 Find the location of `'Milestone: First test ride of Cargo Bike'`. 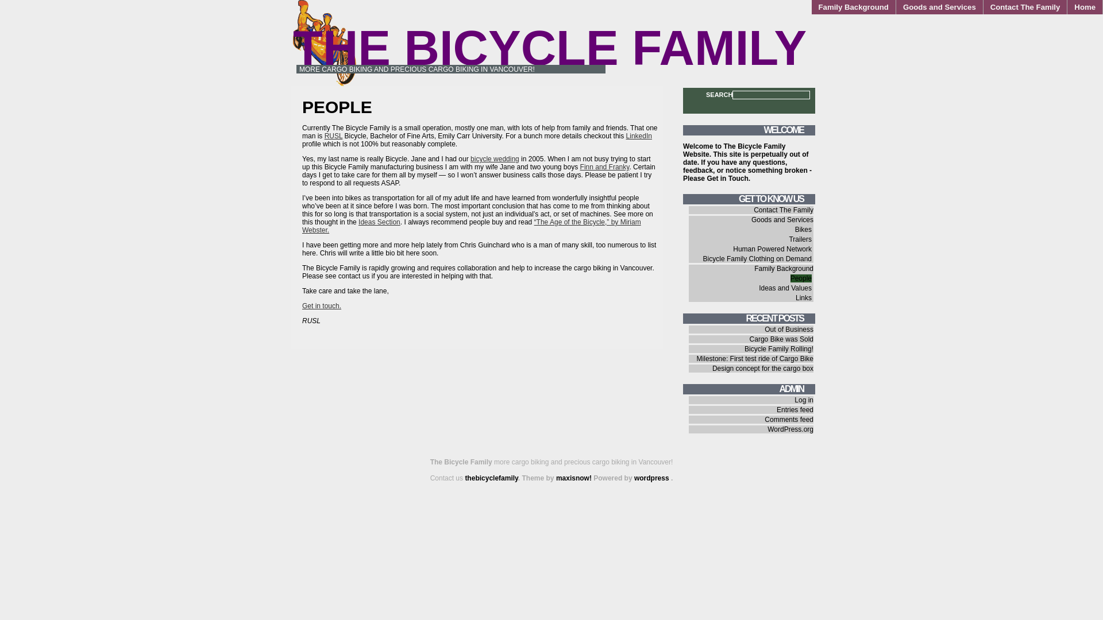

'Milestone: First test ride of Cargo Bike' is located at coordinates (755, 358).